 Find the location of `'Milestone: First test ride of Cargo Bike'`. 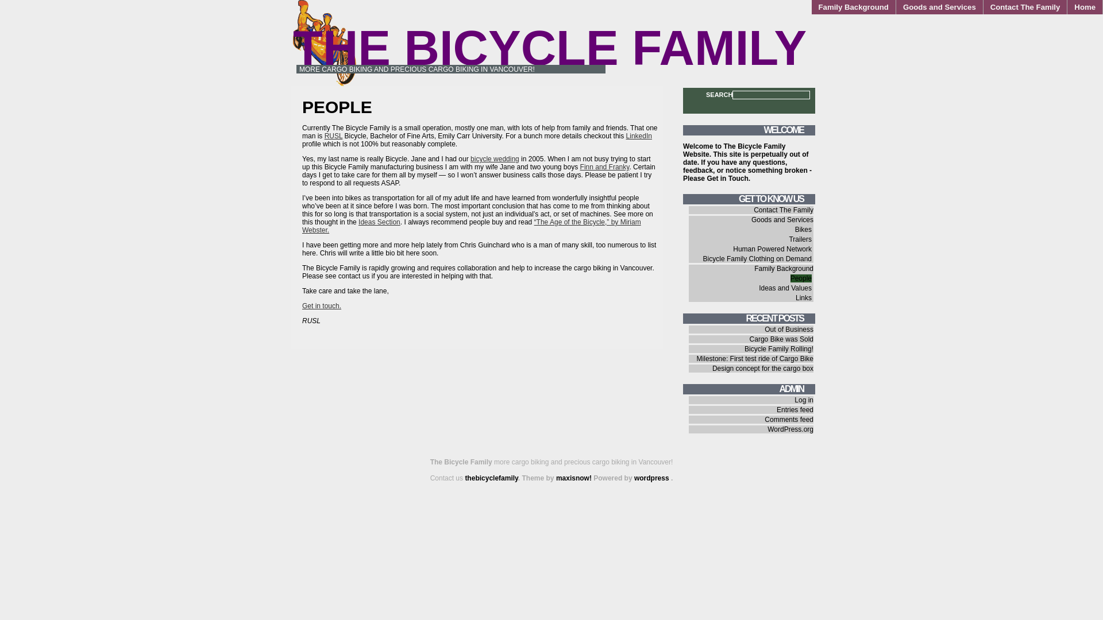

'Milestone: First test ride of Cargo Bike' is located at coordinates (755, 358).